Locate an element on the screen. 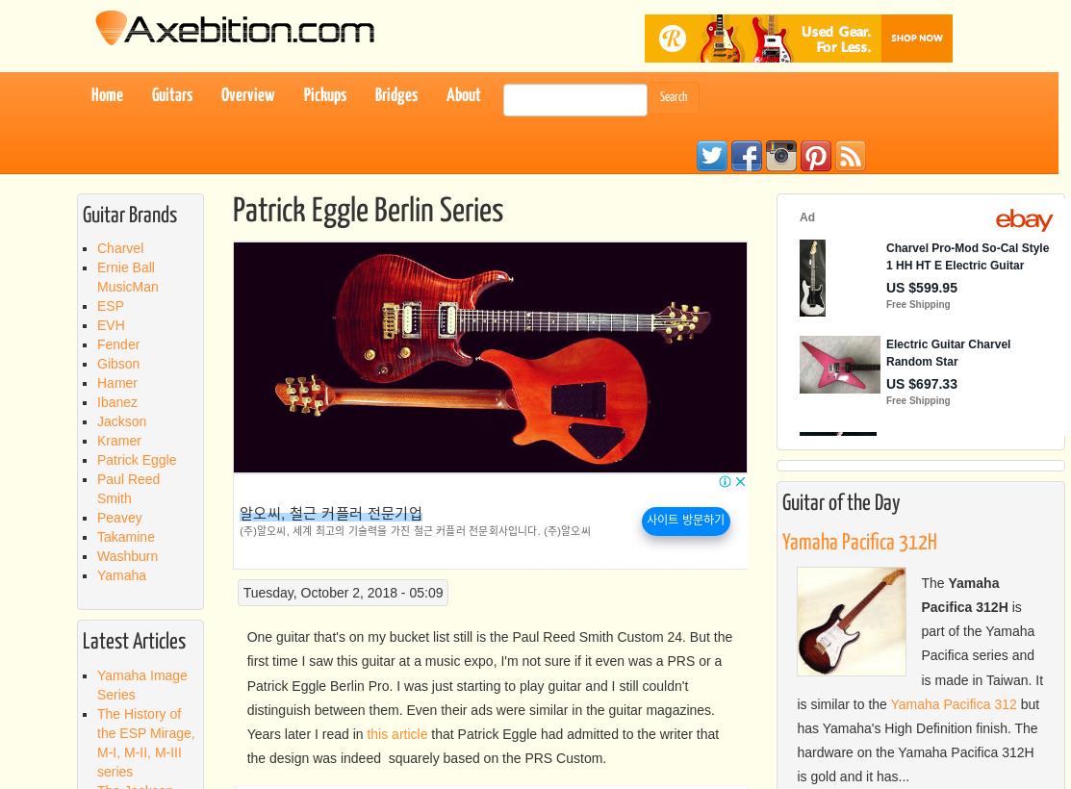  'Takamine' is located at coordinates (124, 536).